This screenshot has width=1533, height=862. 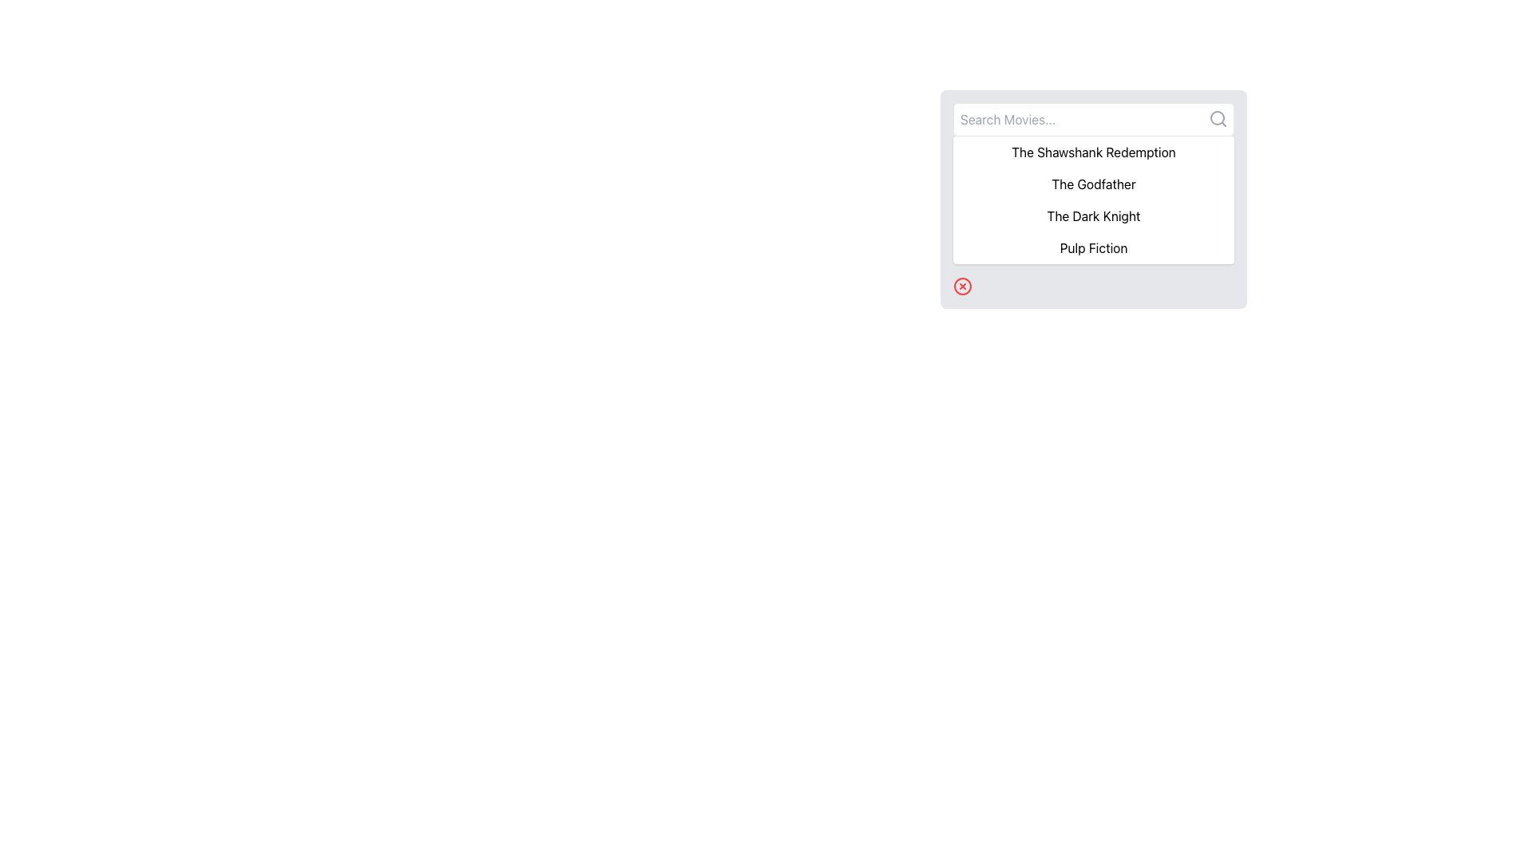 I want to click on the circular component of the magnifier glass in the search icon located at the top-right corner of the search interface, so click(x=1217, y=117).